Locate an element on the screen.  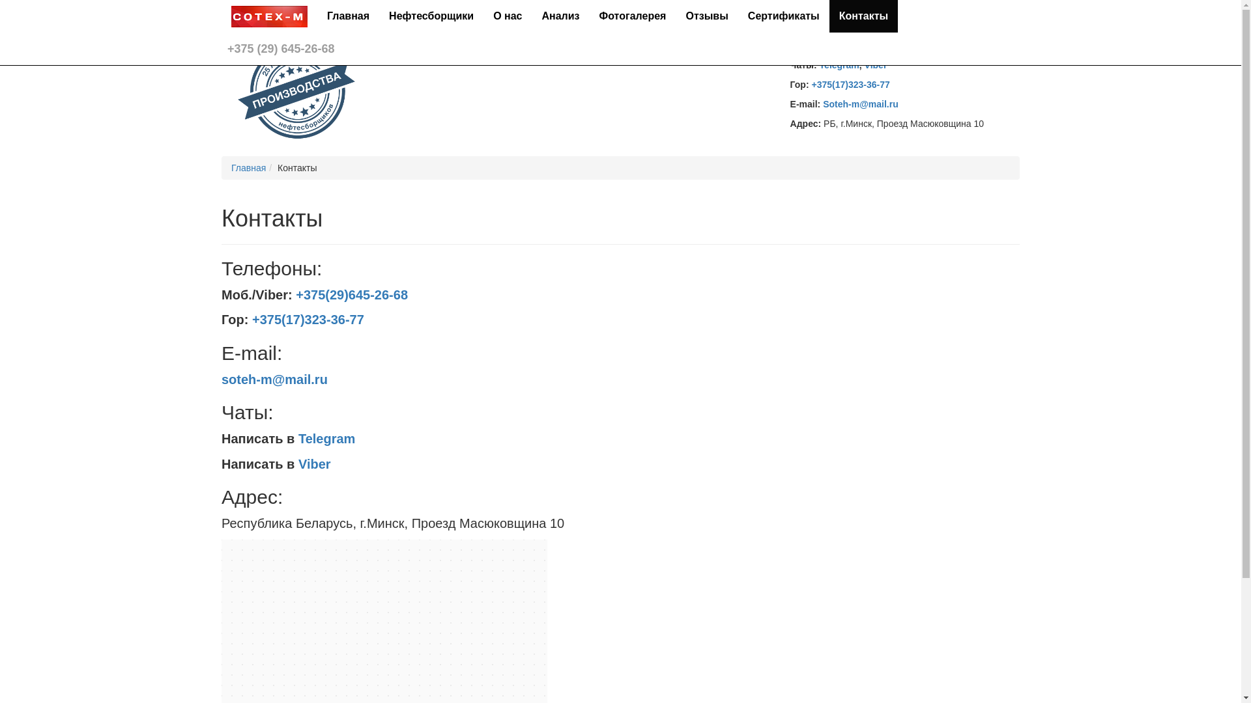
'+375(29)645-26-68' is located at coordinates (351, 294).